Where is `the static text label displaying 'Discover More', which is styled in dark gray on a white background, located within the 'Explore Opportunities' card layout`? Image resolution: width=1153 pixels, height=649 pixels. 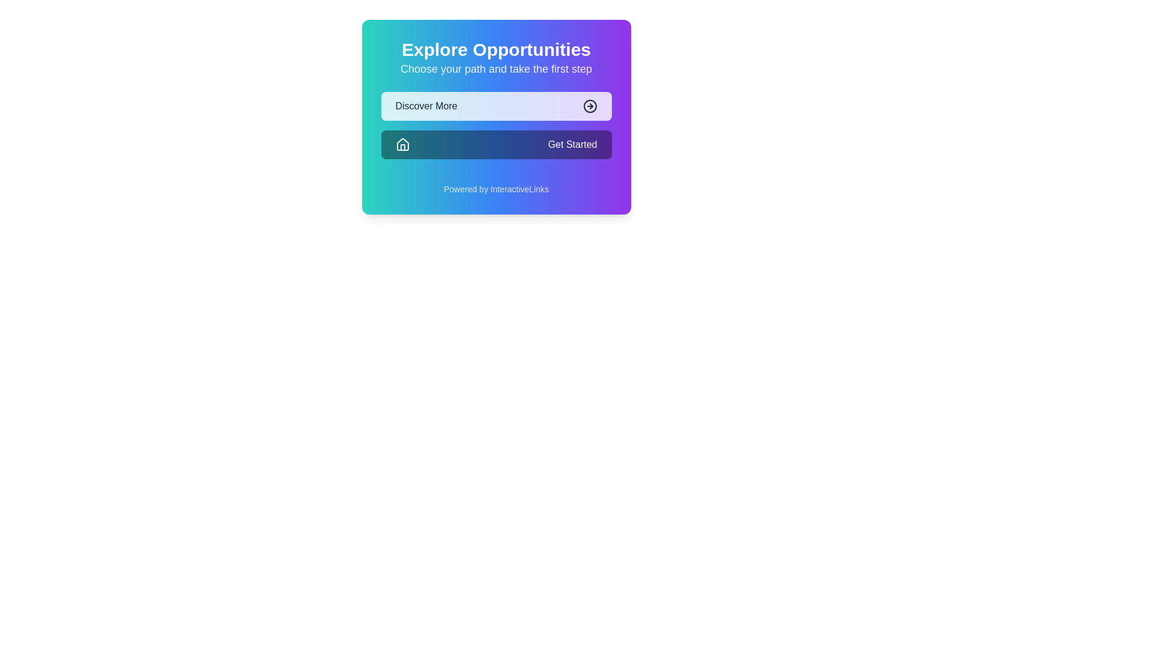
the static text label displaying 'Discover More', which is styled in dark gray on a white background, located within the 'Explore Opportunities' card layout is located at coordinates (426, 106).